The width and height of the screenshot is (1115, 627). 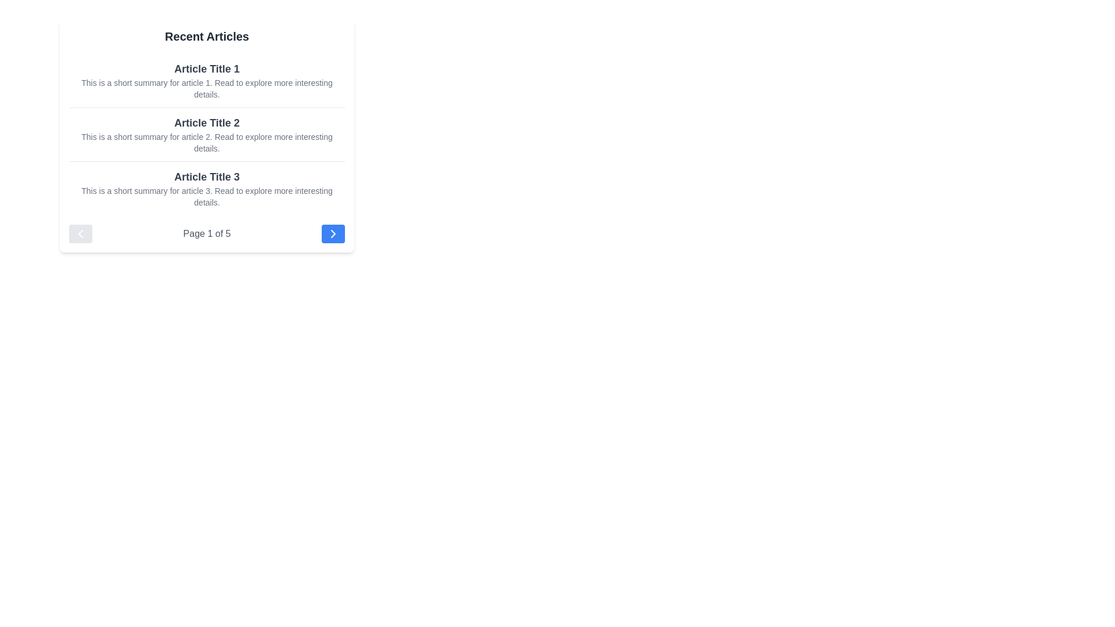 I want to click on the navigation button located at the bottom-left corner of the article summary card, so click(x=80, y=233).